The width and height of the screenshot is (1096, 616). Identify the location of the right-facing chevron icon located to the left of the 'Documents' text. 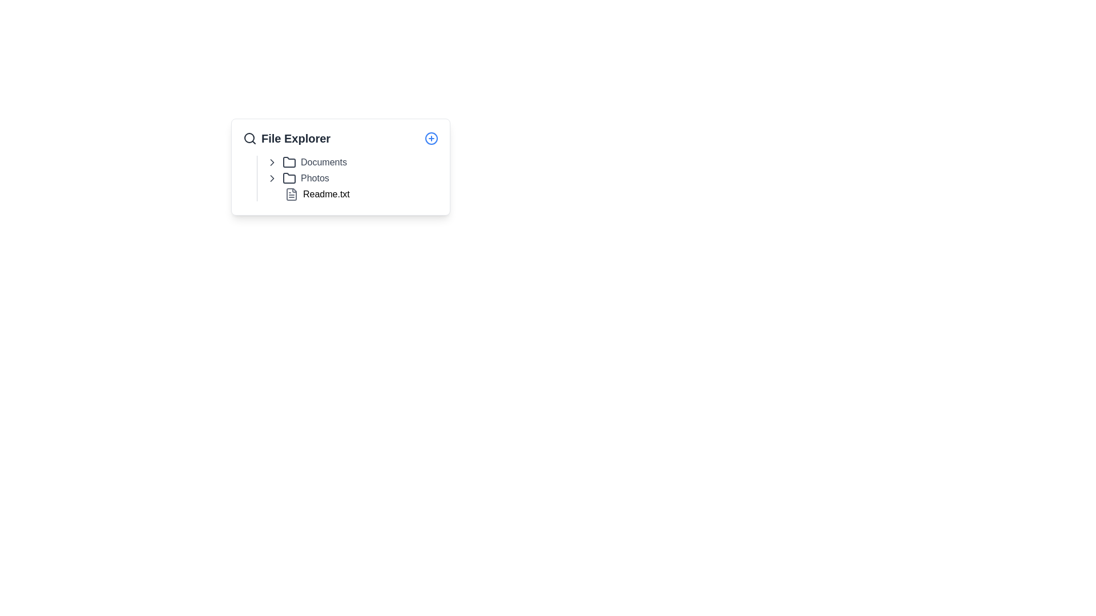
(271, 163).